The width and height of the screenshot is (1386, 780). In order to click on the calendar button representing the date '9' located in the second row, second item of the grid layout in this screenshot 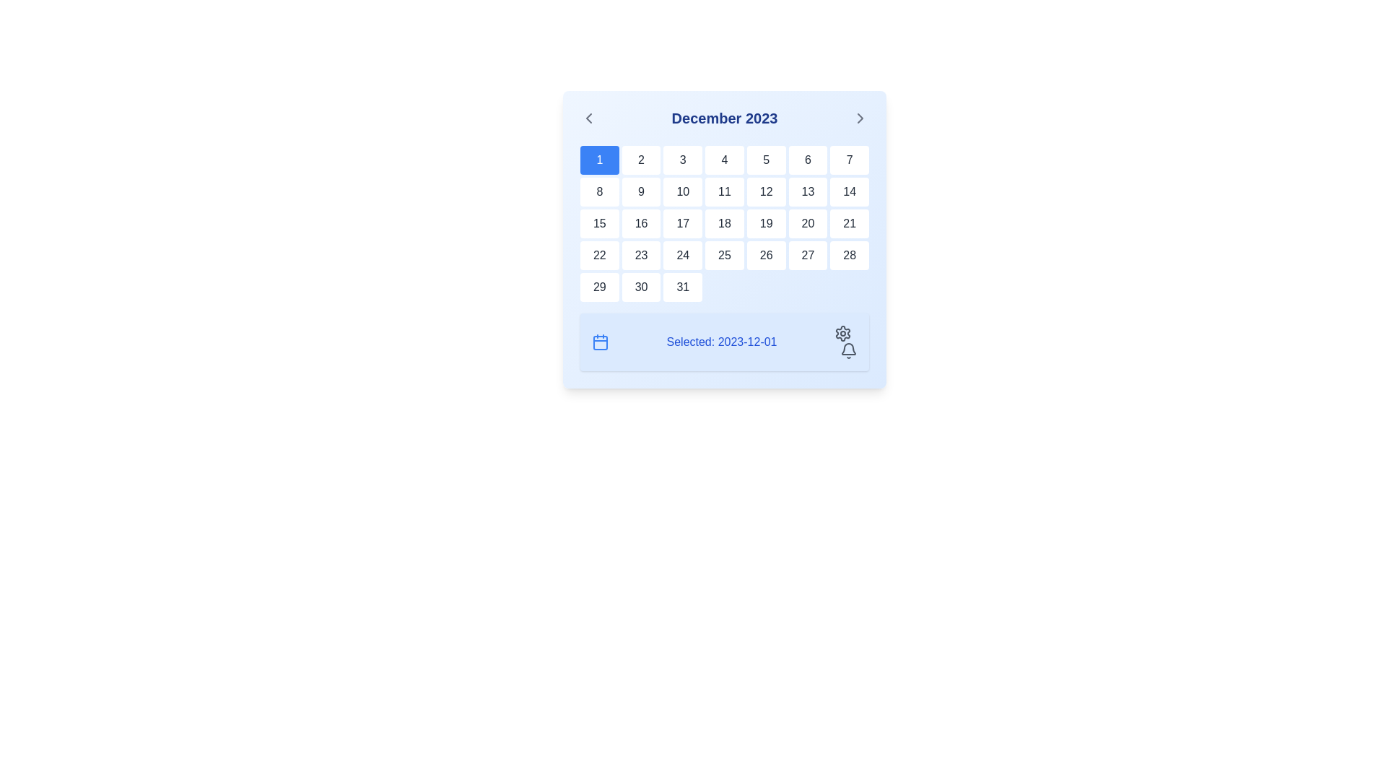, I will do `click(640, 191)`.